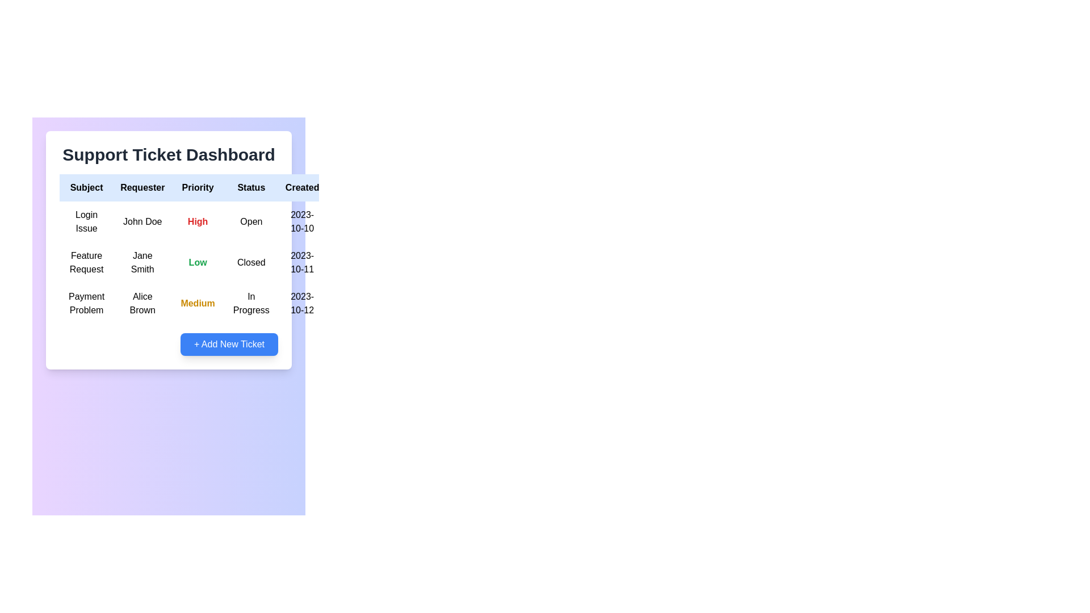 This screenshot has width=1090, height=613. What do you see at coordinates (250, 221) in the screenshot?
I see `the 'Open' status text label for the ticket 'Login Issue' requested by 'John Doe' in the Support Ticket Dashboard` at bounding box center [250, 221].